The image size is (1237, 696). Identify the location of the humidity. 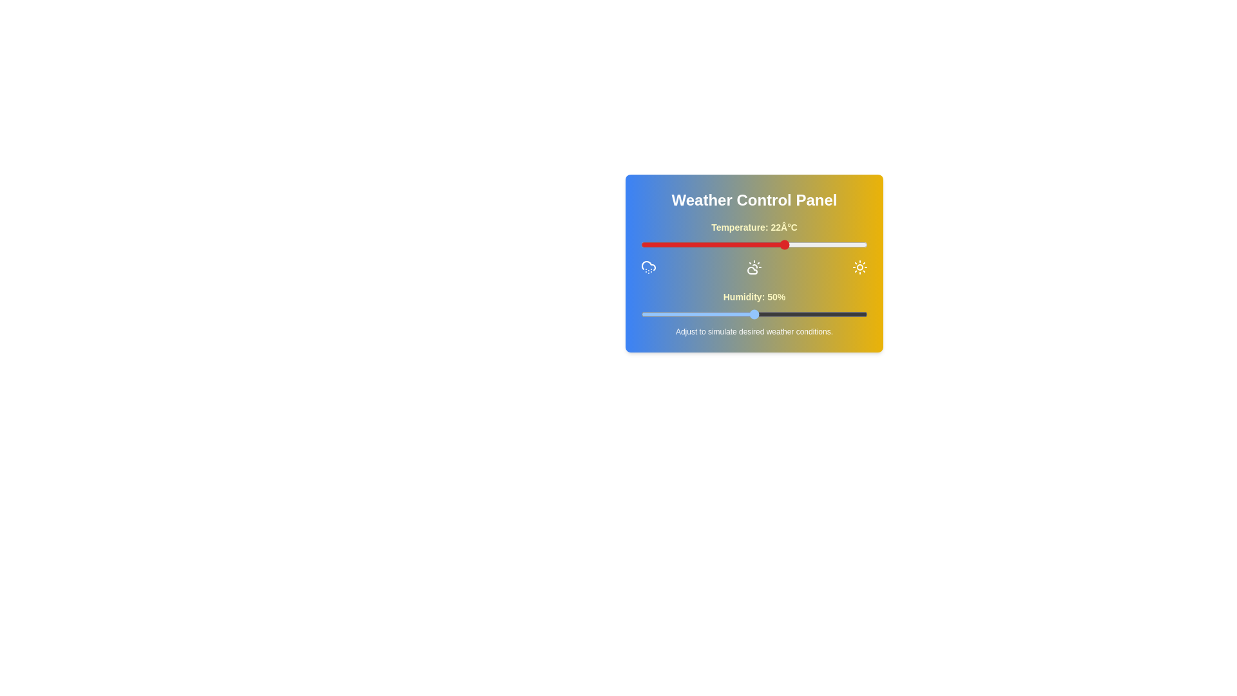
(647, 314).